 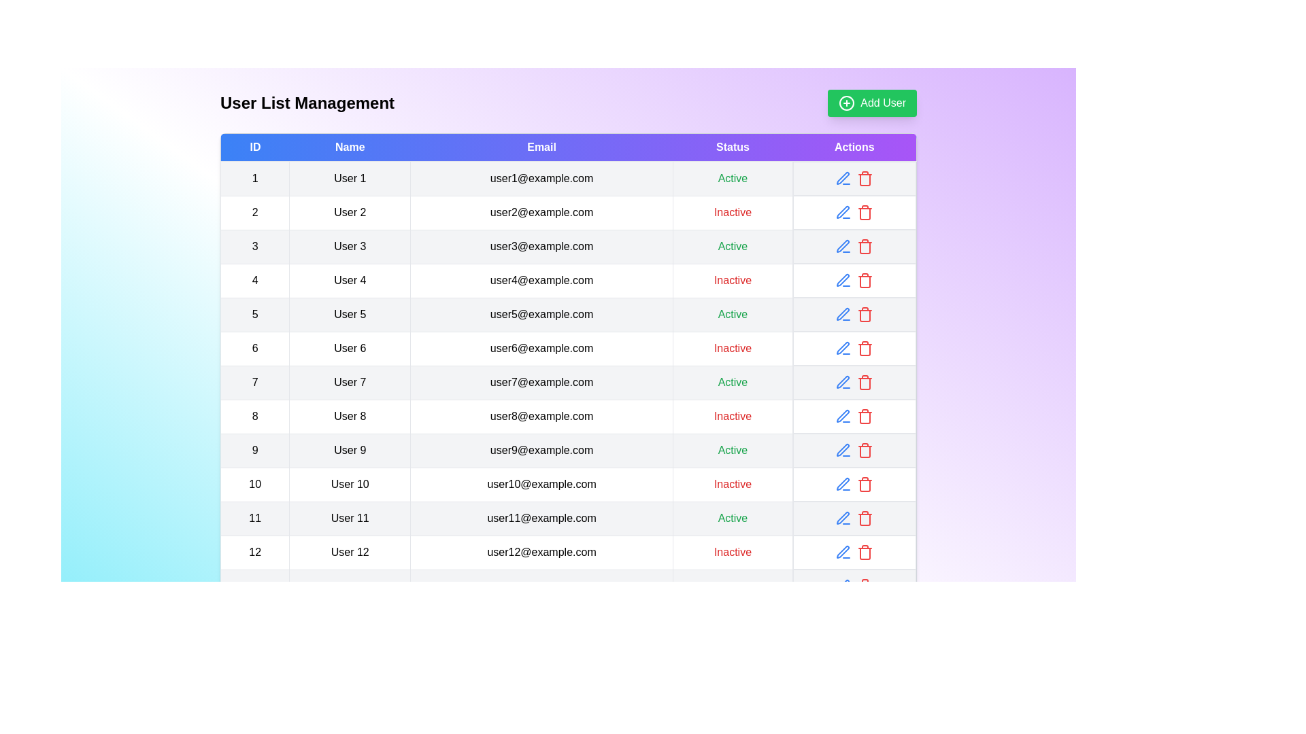 I want to click on the column header to sort the table by ID, so click(x=254, y=147).